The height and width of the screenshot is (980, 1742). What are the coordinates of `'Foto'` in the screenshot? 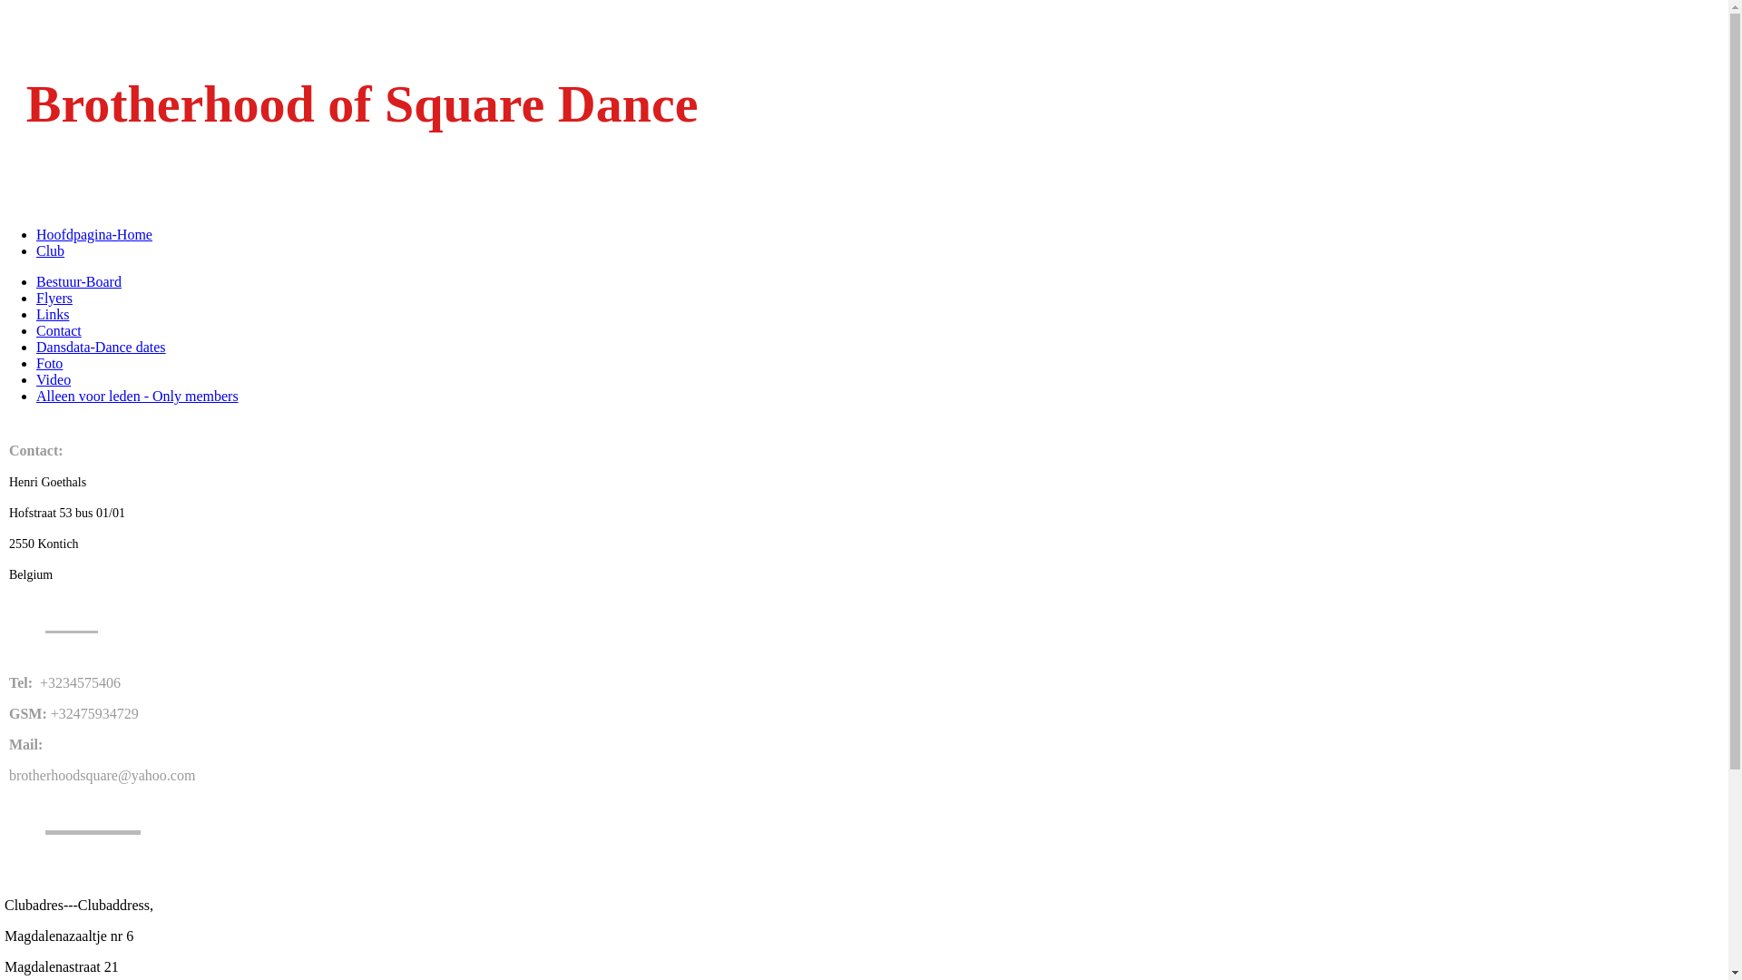 It's located at (49, 363).